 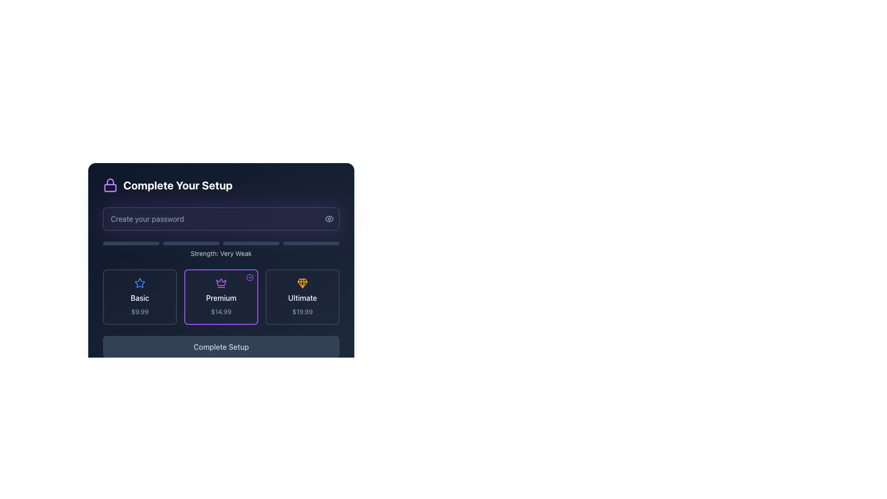 I want to click on the text label displaying the name of the subscription plan, which is located below the crown icon and above the price label ($14.99) in the 'Premium' subscription plan card, the middle option in a group of three subscription plans, so click(x=221, y=298).